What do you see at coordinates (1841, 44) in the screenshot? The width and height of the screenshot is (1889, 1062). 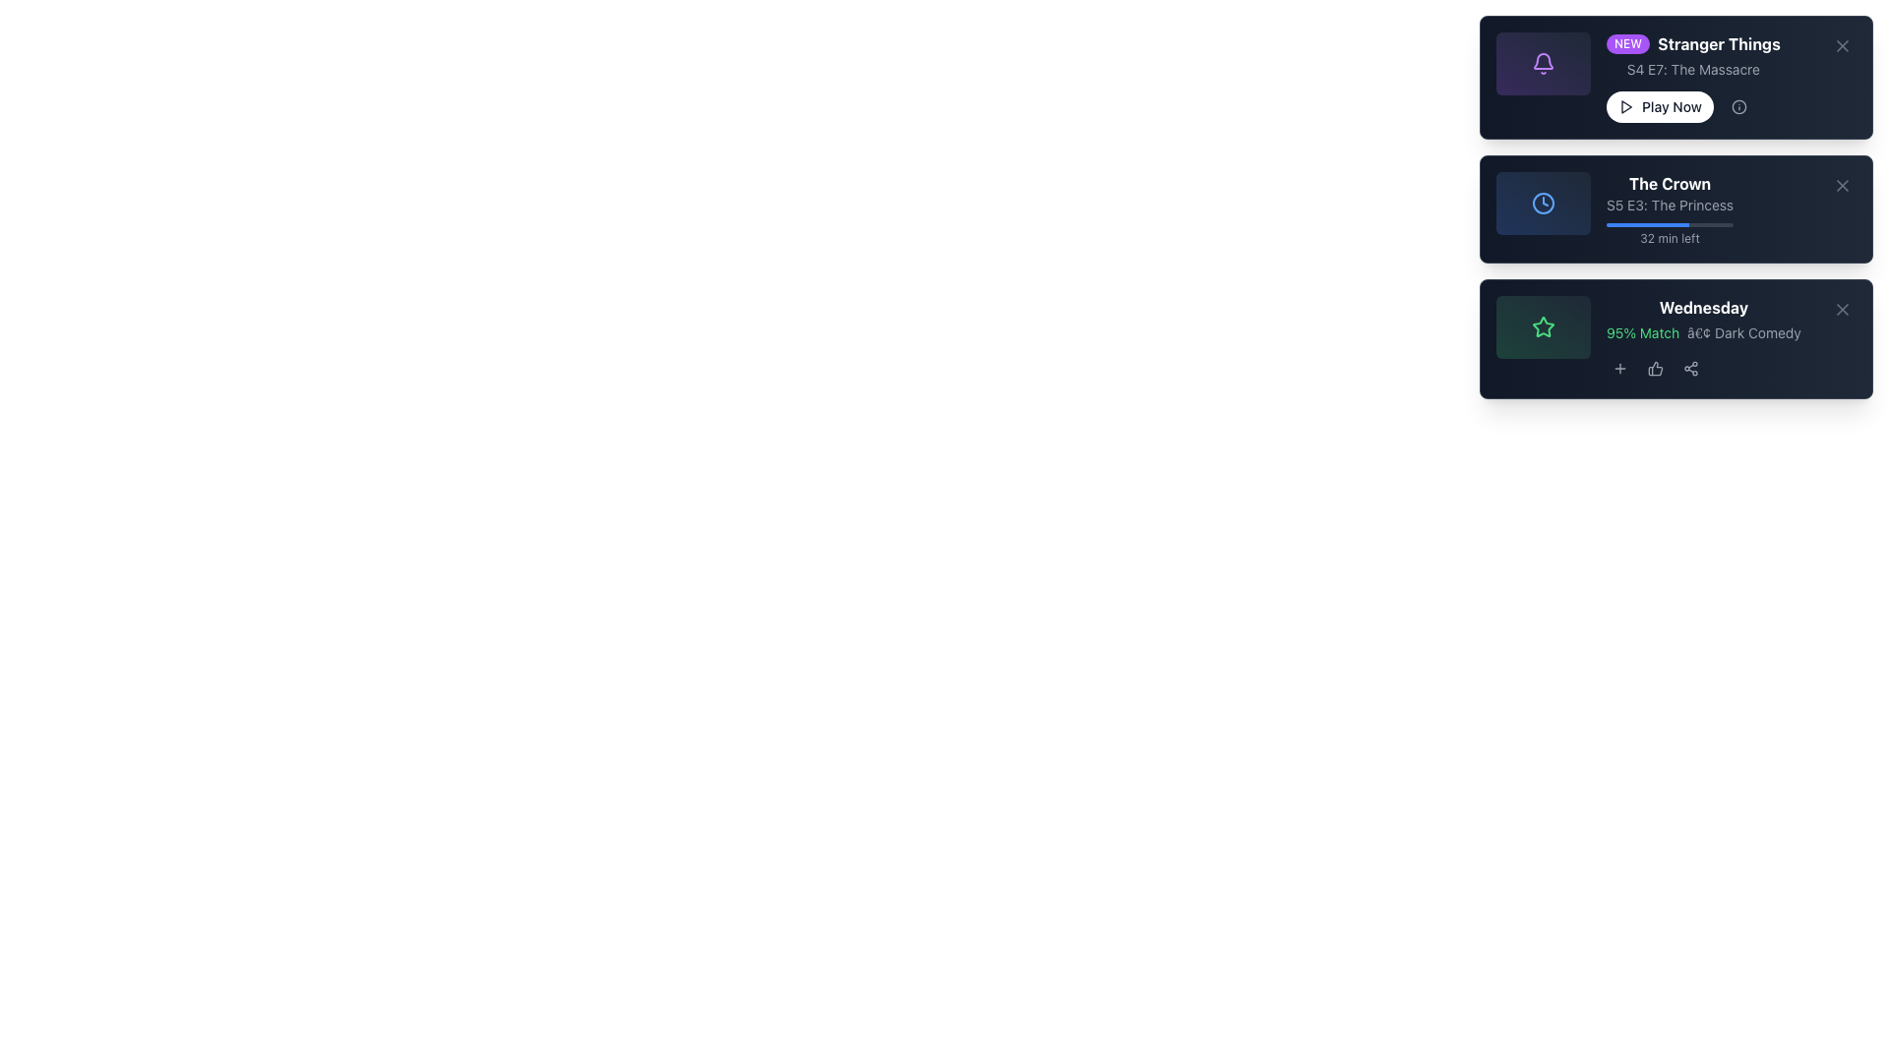 I see `the Close button (styled as a cross icon) located at the top-right corner of the top card in a vertically stacked list` at bounding box center [1841, 44].